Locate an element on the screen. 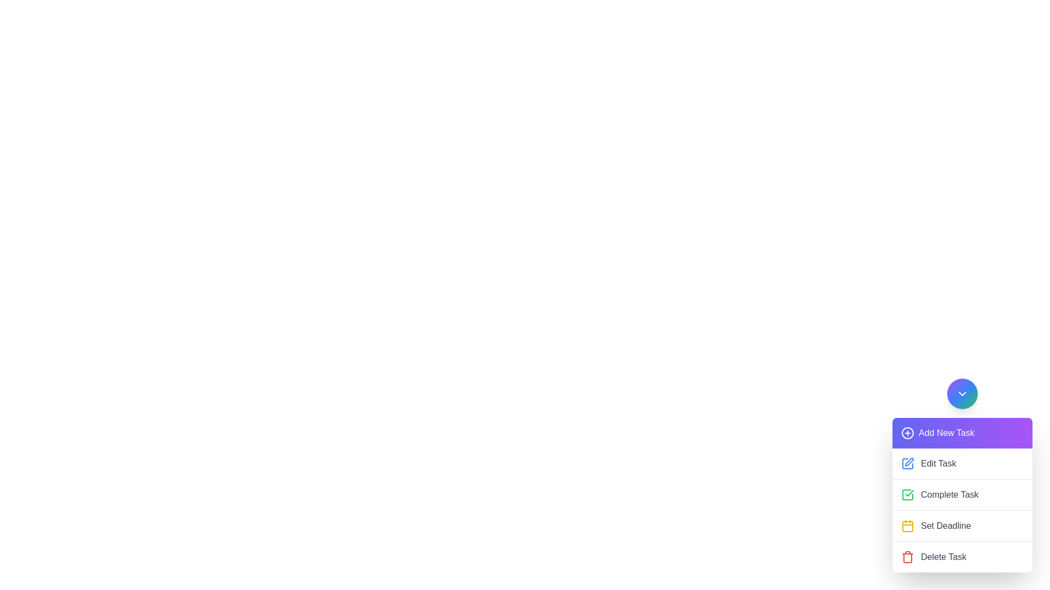  the button is located at coordinates (962, 433).